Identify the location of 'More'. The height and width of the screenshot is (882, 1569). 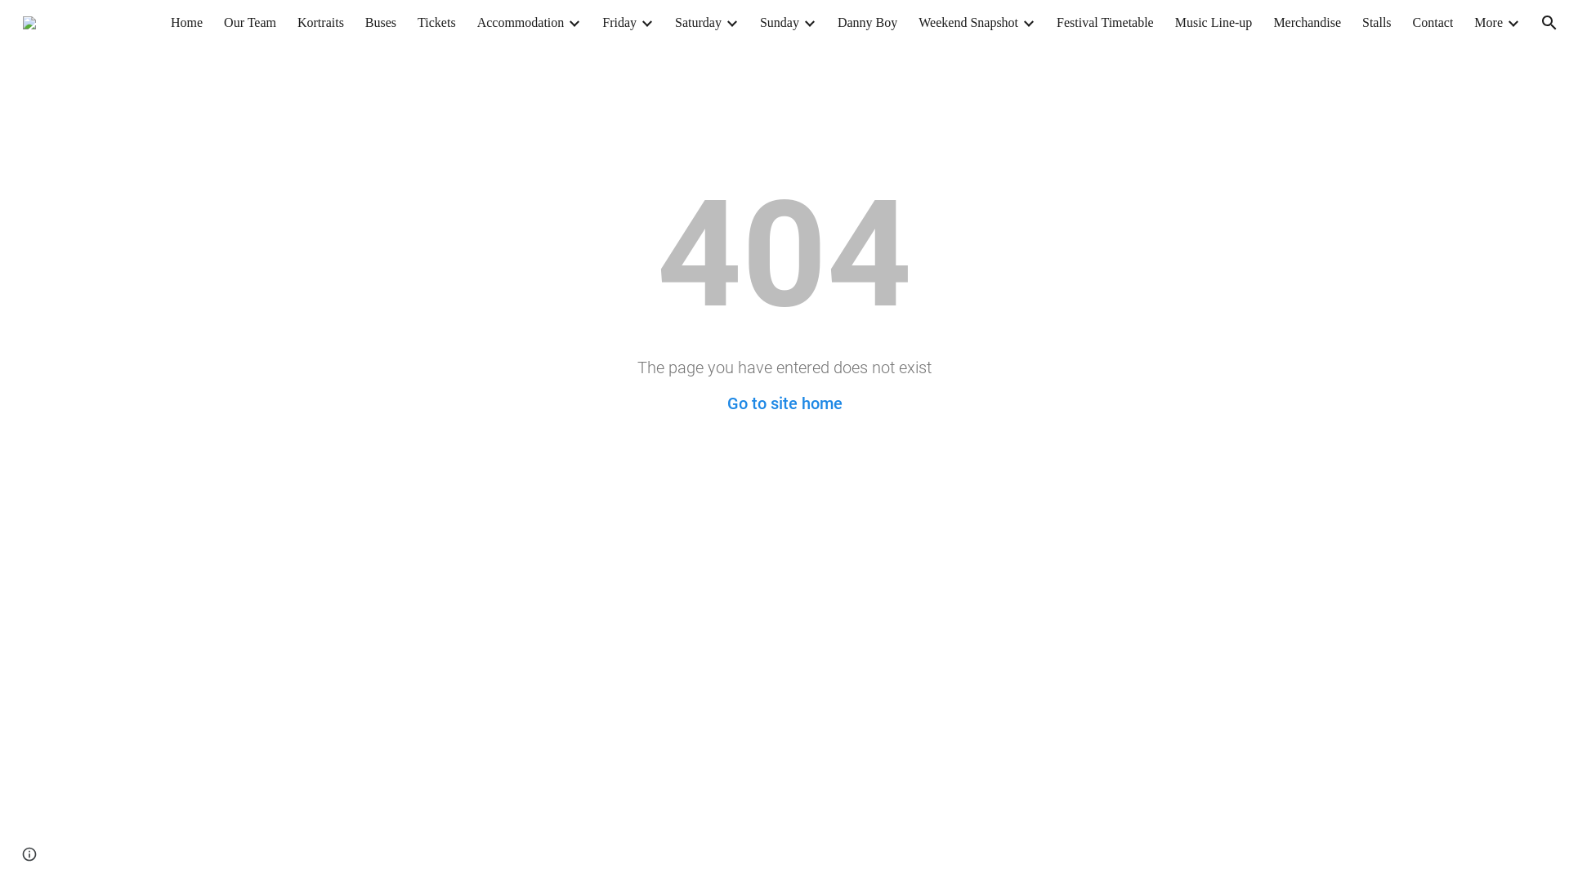
(1488, 22).